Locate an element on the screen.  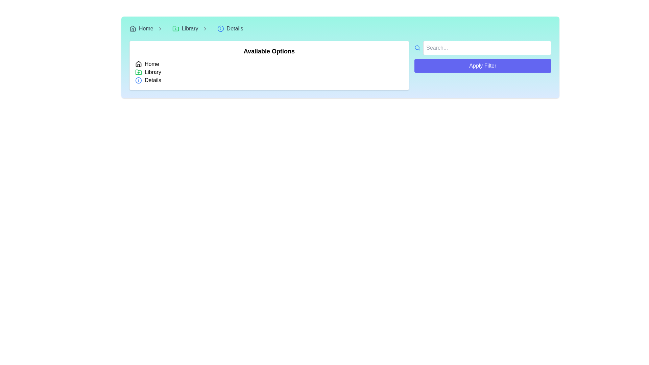
the green folder icon with a plus symbol located in the breadcrumb trail next to the 'Library' label is located at coordinates (138, 72).